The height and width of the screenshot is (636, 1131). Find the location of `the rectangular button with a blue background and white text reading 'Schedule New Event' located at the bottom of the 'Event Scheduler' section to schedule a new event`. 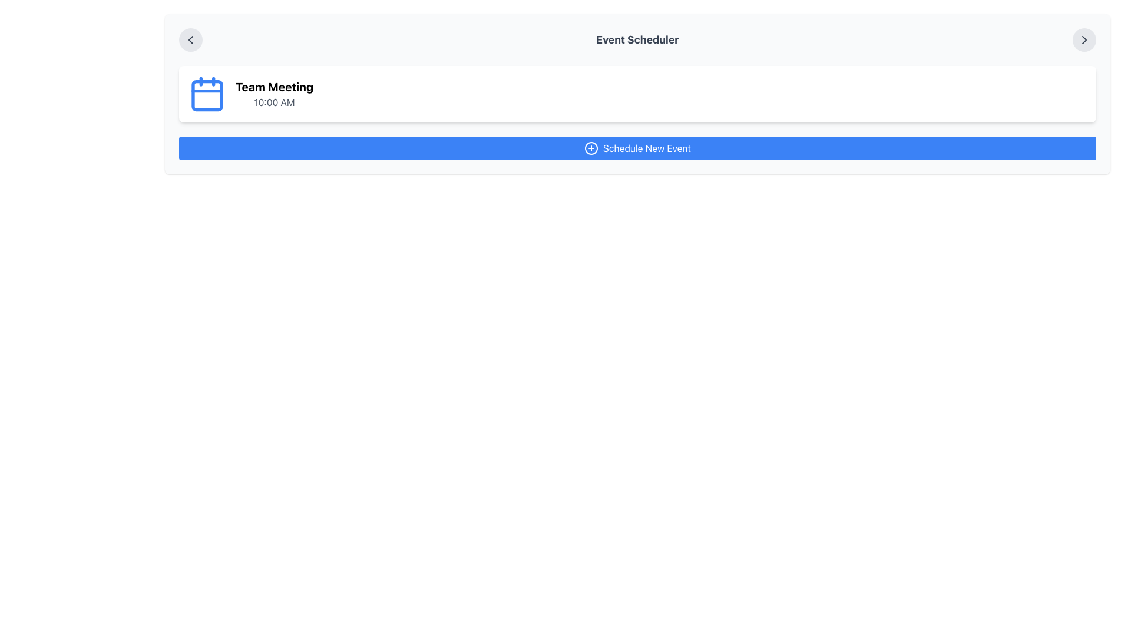

the rectangular button with a blue background and white text reading 'Schedule New Event' located at the bottom of the 'Event Scheduler' section to schedule a new event is located at coordinates (637, 147).